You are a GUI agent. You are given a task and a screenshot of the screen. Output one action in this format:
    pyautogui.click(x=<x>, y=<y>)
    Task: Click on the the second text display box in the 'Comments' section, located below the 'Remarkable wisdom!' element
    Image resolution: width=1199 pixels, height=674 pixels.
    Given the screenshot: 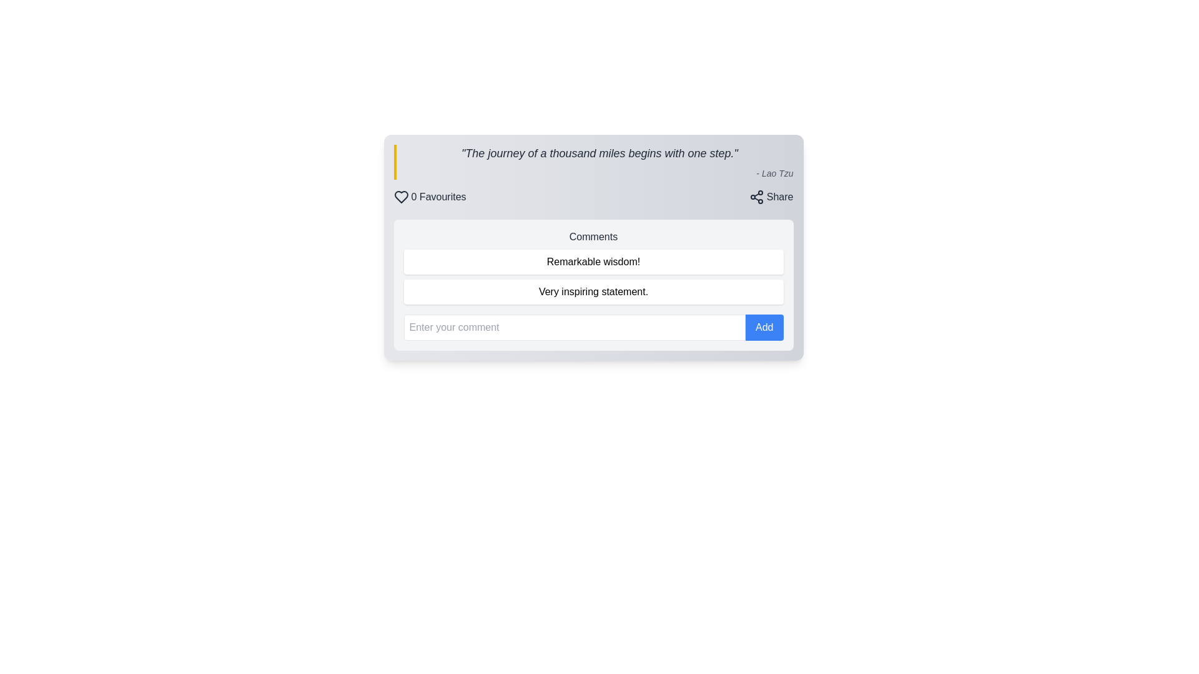 What is the action you would take?
    pyautogui.click(x=593, y=291)
    